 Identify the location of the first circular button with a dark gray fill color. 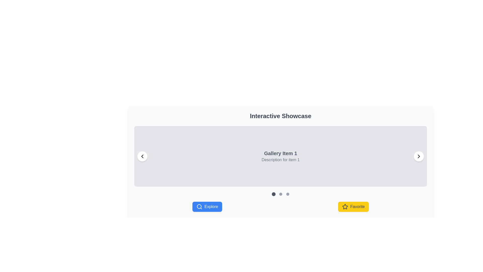
(273, 194).